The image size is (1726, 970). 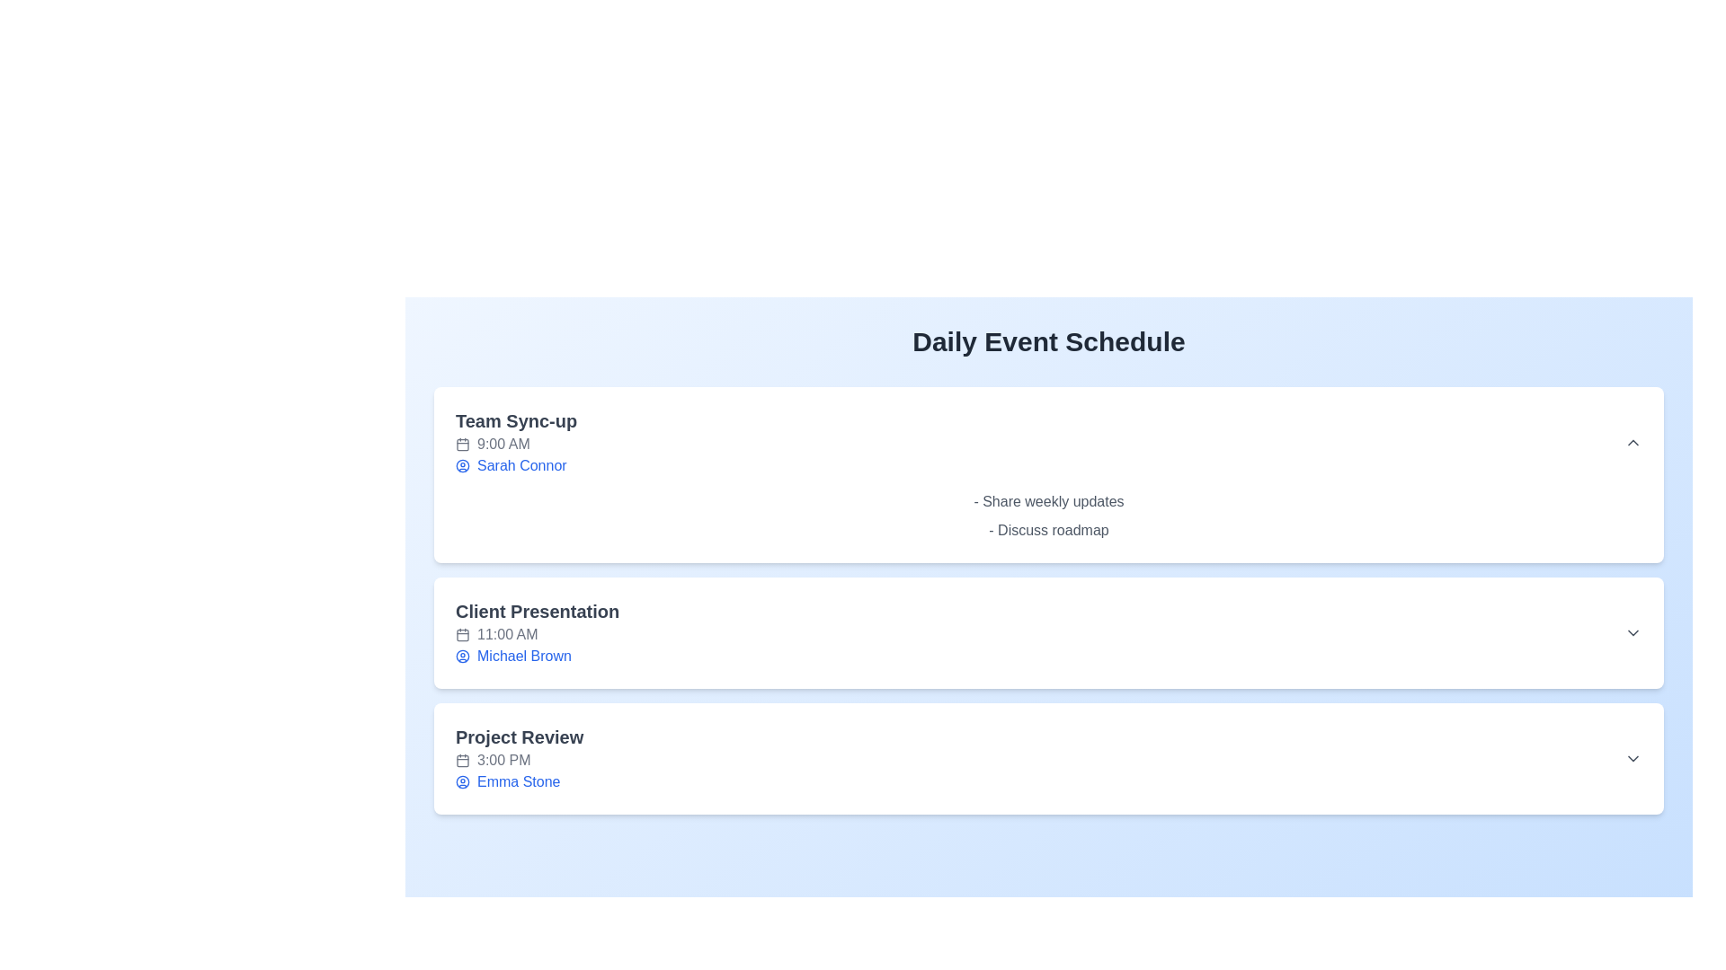 What do you see at coordinates (462, 781) in the screenshot?
I see `the decorative icon representing 'Emma Stone' located to the left of the text in the bottom-most card for the 3:00 PM 'Project Review' event` at bounding box center [462, 781].